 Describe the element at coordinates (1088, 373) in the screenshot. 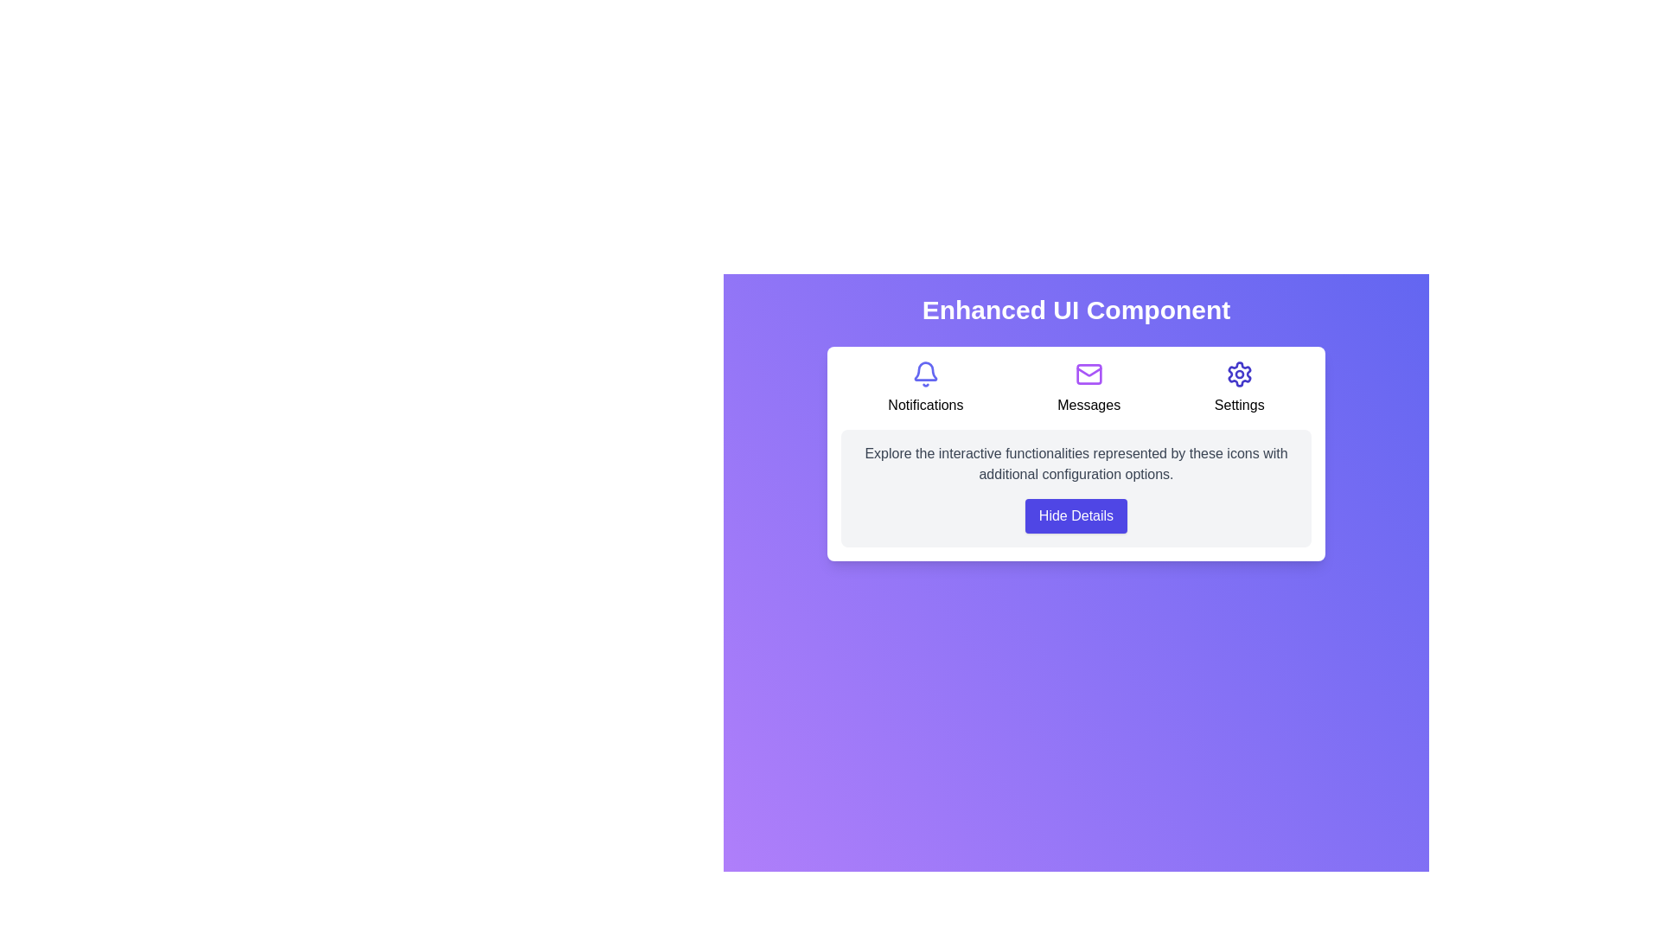

I see `the decorative SVG graphic that represents the body of the envelope in the mail icon, located beneath the Messages label as the second icon in a group of three` at that location.